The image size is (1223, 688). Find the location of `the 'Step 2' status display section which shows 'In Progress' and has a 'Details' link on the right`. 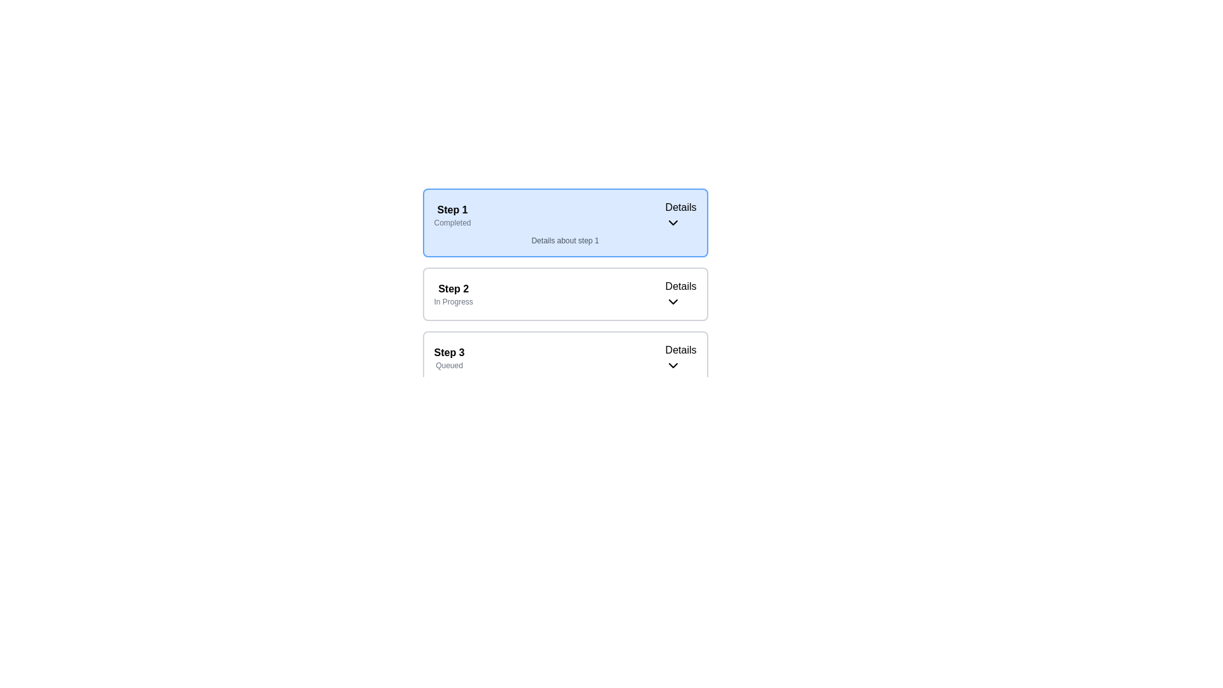

the 'Step 2' status display section which shows 'In Progress' and has a 'Details' link on the right is located at coordinates (564, 294).